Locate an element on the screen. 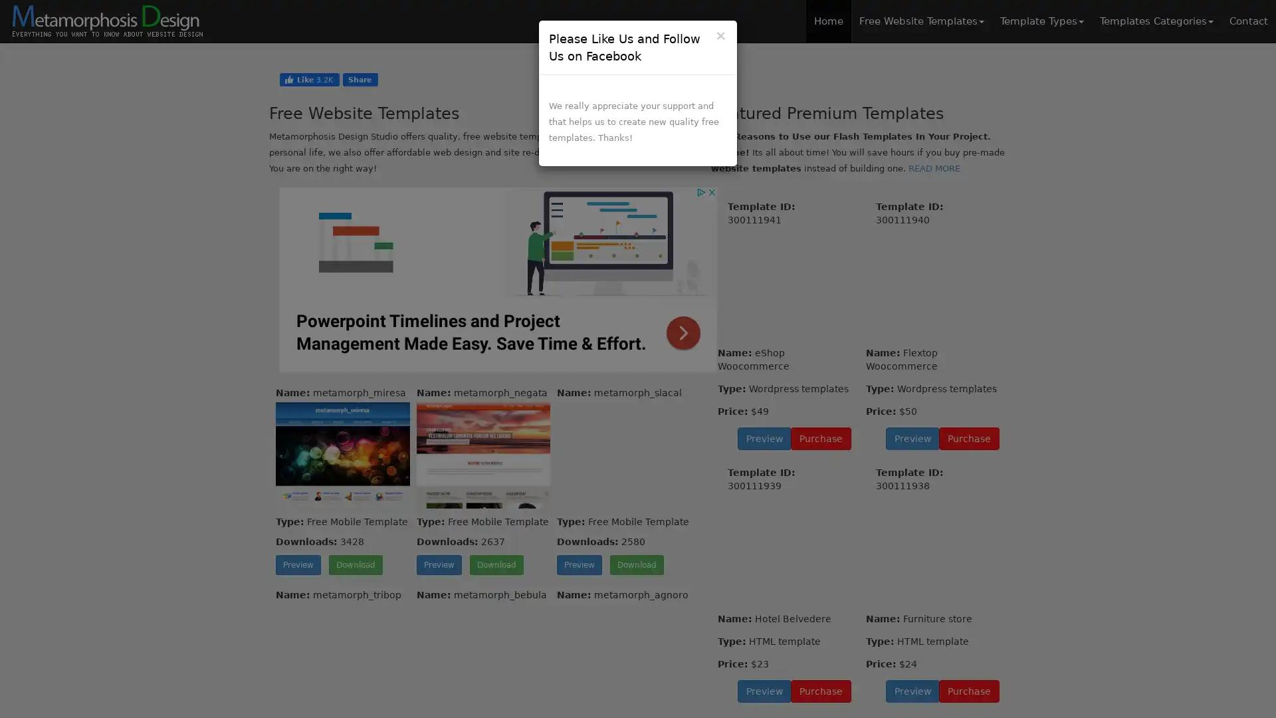 This screenshot has height=718, width=1276. Purchase is located at coordinates (820, 438).